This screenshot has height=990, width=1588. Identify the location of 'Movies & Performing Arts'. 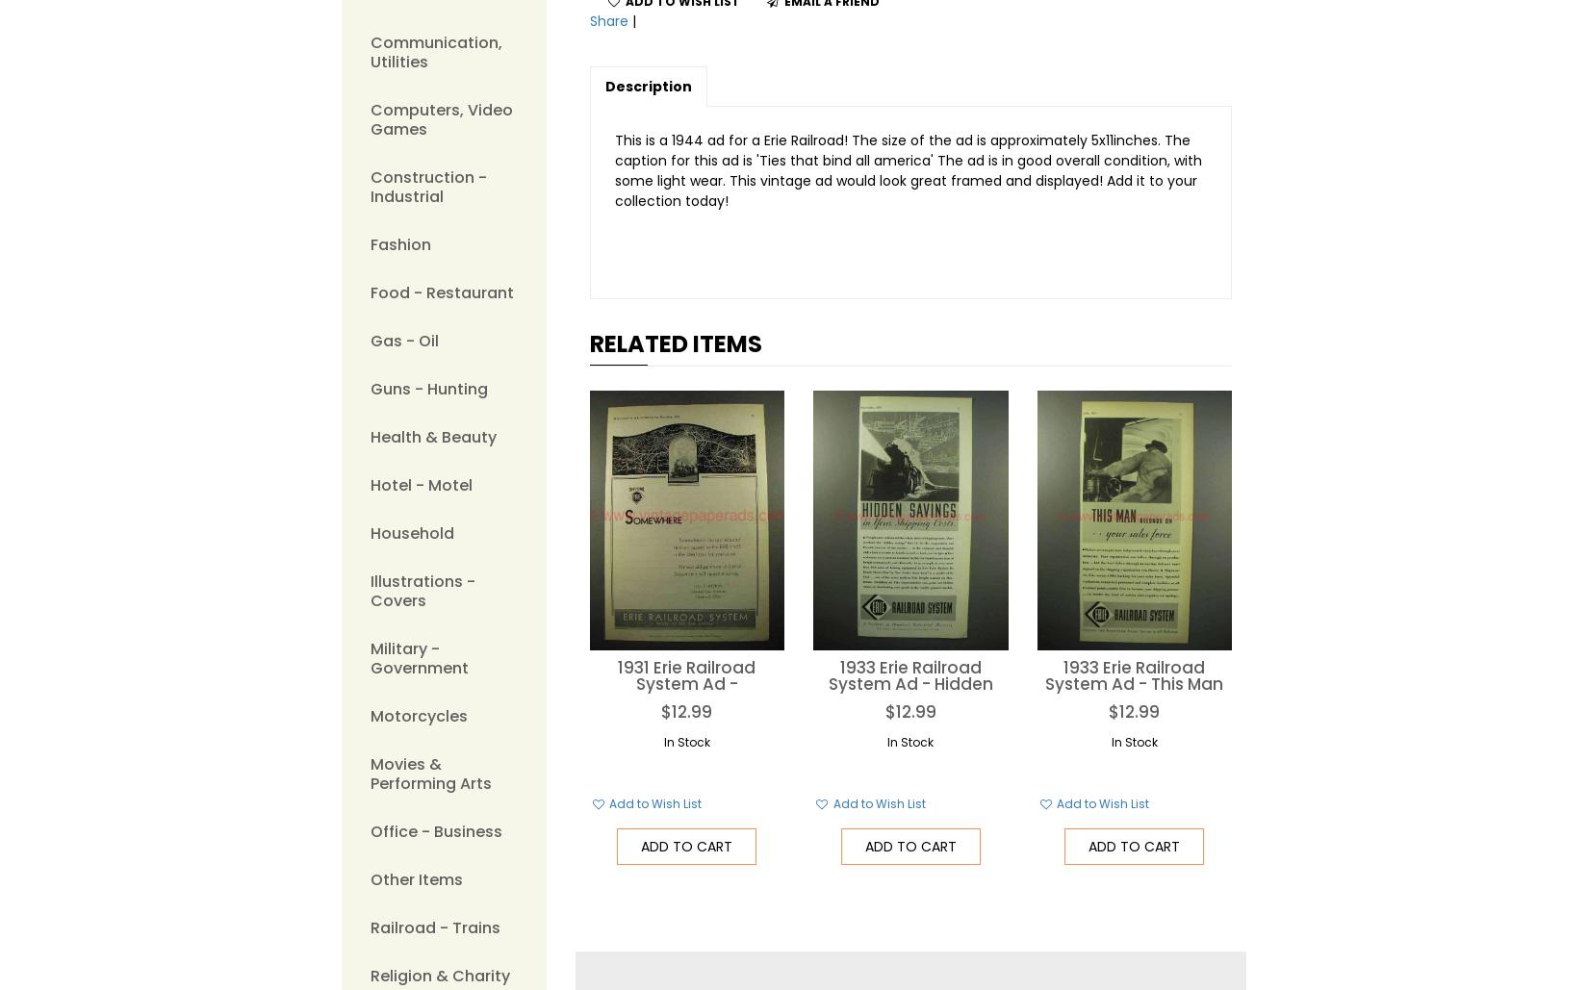
(429, 774).